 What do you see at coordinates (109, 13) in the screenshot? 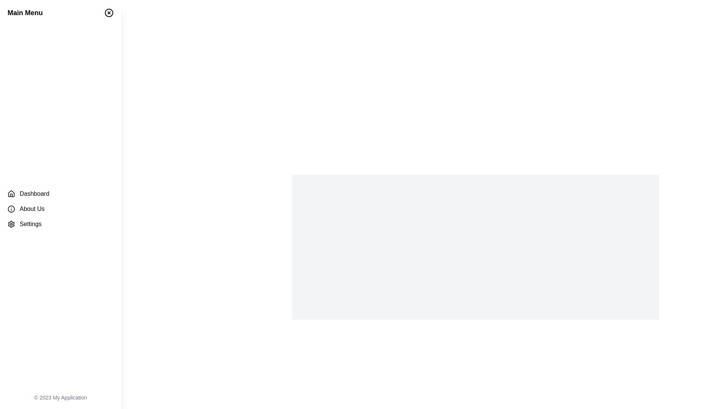
I see `the Close button icon located at the far right of the header bar labeled 'Main Menu'` at bounding box center [109, 13].